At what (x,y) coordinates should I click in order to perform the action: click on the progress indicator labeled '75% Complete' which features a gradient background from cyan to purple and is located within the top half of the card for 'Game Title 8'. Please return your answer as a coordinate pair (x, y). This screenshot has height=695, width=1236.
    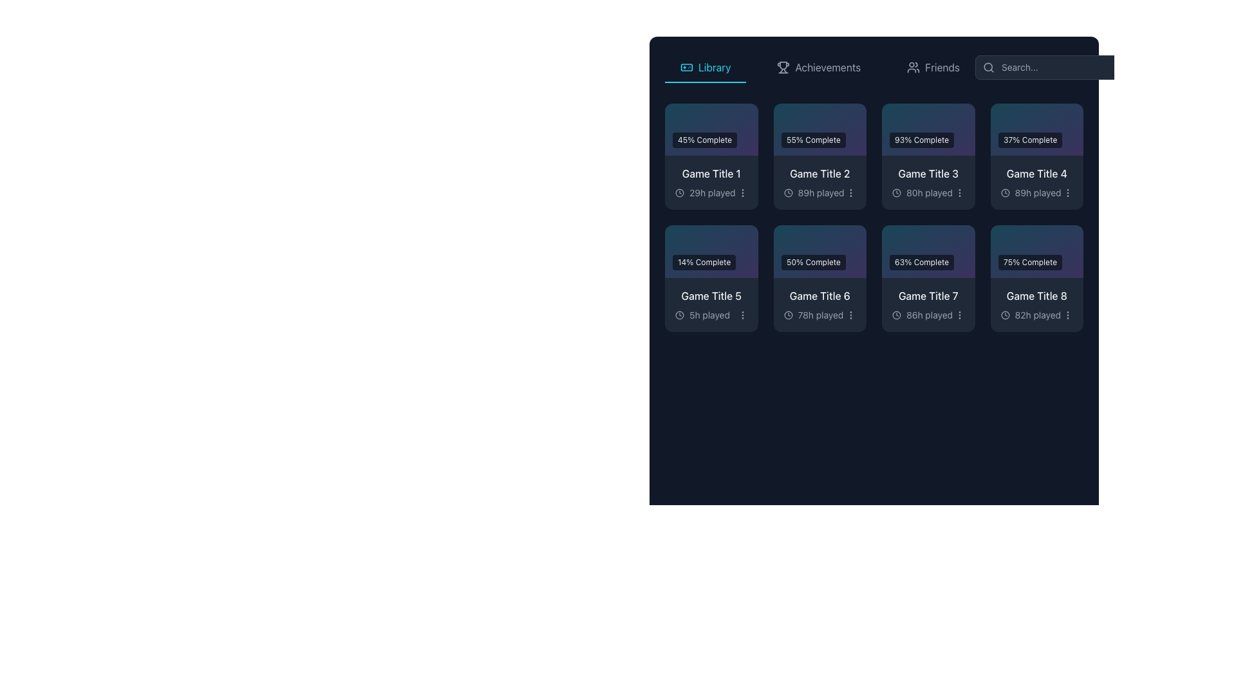
    Looking at the image, I should click on (1036, 251).